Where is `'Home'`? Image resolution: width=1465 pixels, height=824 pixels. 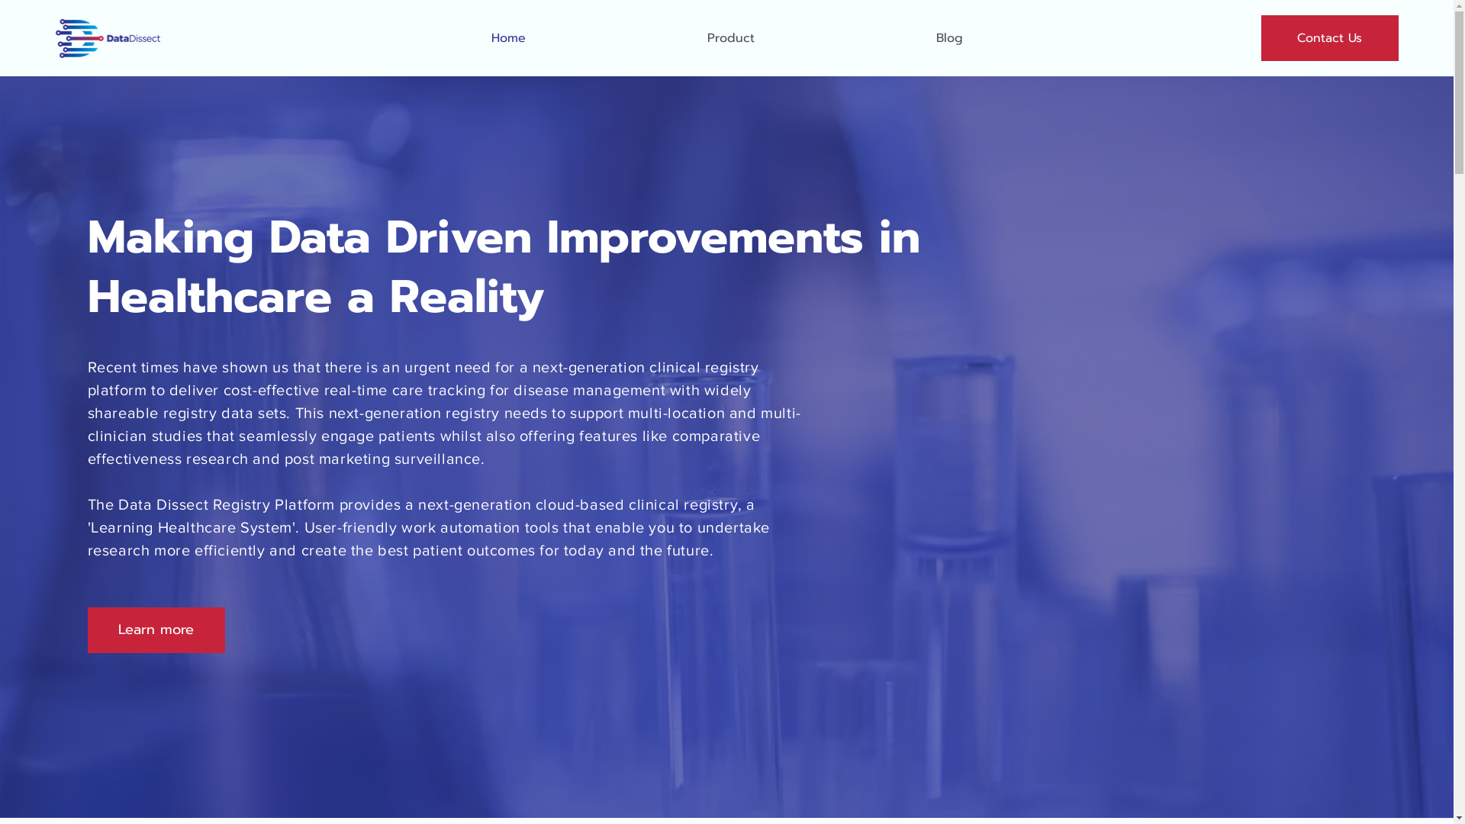
'Home' is located at coordinates (508, 37).